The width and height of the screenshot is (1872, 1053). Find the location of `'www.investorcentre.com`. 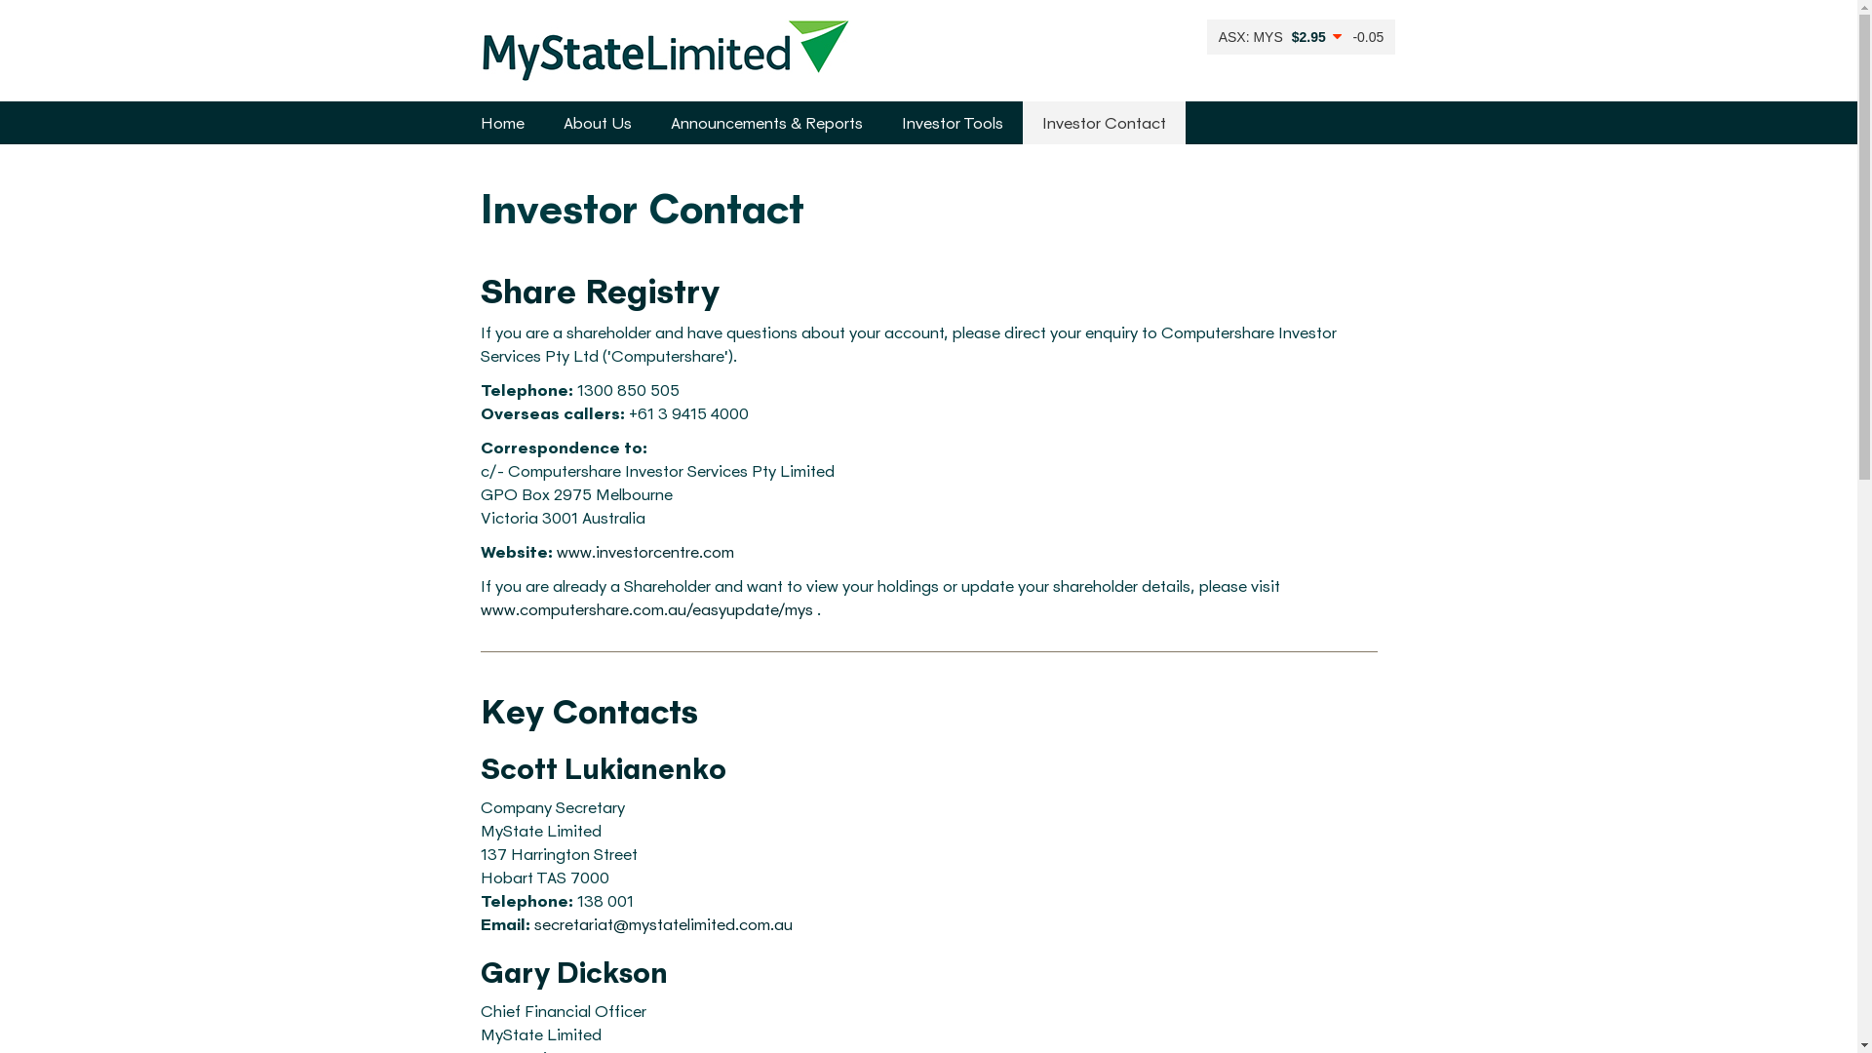

'www.investorcentre.com is located at coordinates (644, 551).